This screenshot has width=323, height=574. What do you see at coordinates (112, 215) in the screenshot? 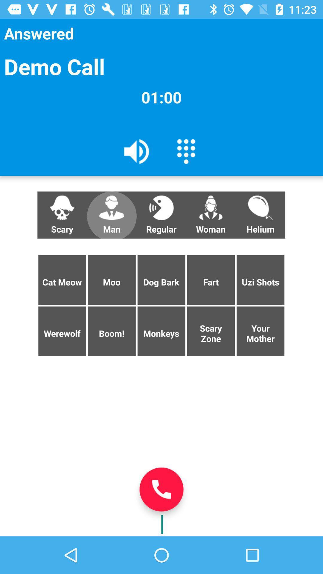
I see `the item to the left of the regular` at bounding box center [112, 215].